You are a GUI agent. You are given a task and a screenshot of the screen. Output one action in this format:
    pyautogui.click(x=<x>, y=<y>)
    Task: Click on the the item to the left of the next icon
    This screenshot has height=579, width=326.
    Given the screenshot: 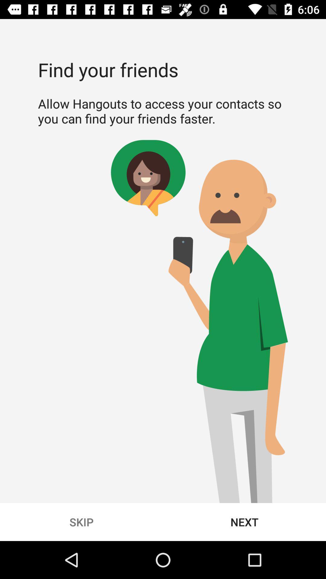 What is the action you would take?
    pyautogui.click(x=81, y=522)
    